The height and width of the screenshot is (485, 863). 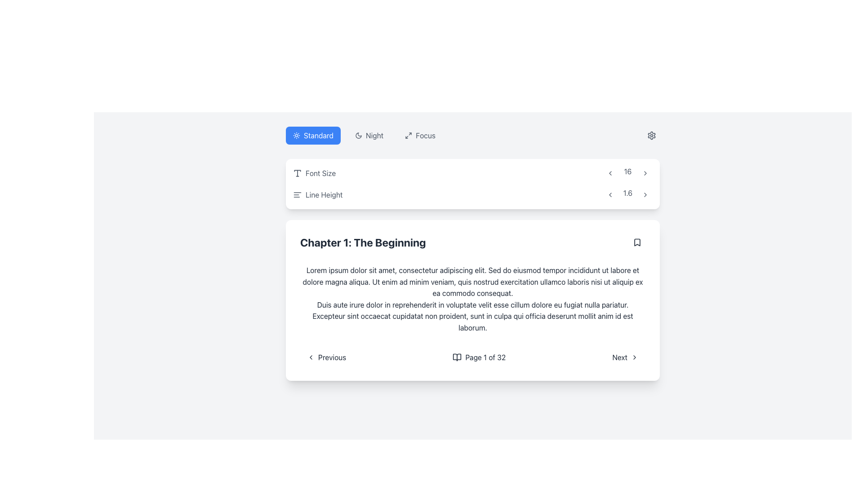 I want to click on the gear-shaped icon in the top-right corner of the interface, so click(x=651, y=135).